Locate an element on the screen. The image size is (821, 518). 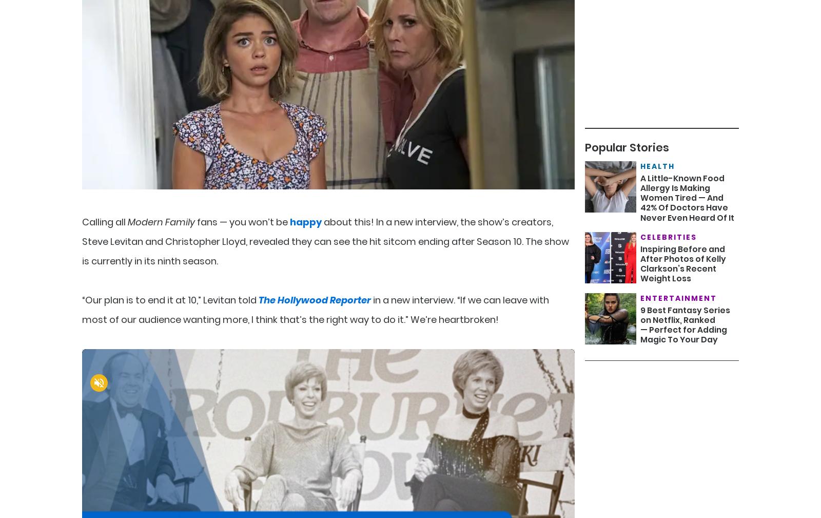
'about this! In a new interview, the show’s creators, Steve Levitan and Christopher Lloyd, revealed they can see the hit sitcom ending after Season 10. The show is currently in its ninth season.' is located at coordinates (82, 241).